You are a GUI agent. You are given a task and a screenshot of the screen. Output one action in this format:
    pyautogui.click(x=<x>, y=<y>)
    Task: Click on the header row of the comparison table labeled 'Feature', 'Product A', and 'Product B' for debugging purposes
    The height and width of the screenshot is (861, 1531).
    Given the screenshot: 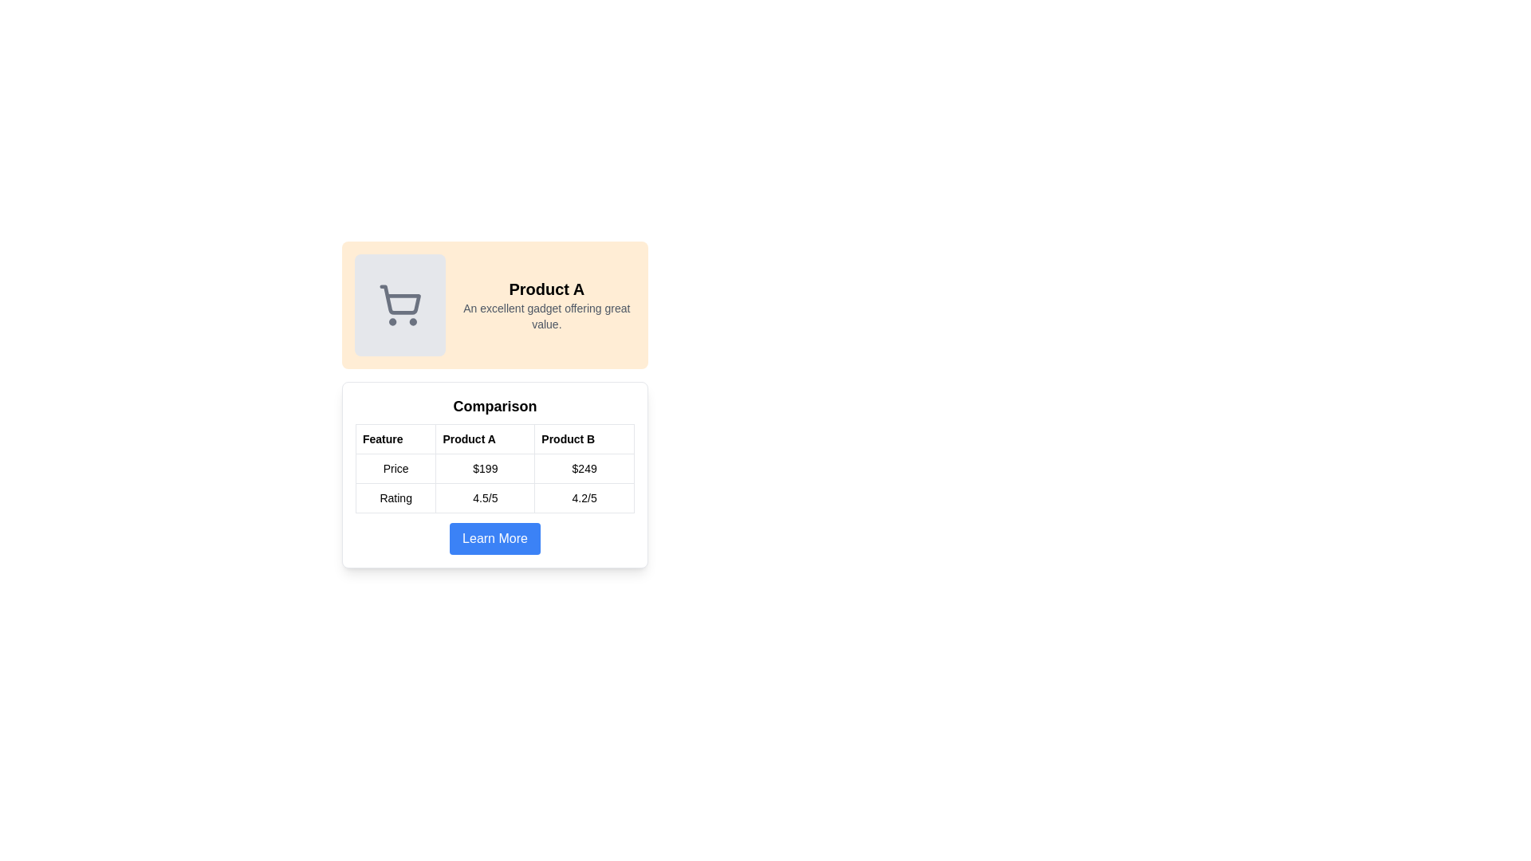 What is the action you would take?
    pyautogui.click(x=494, y=439)
    